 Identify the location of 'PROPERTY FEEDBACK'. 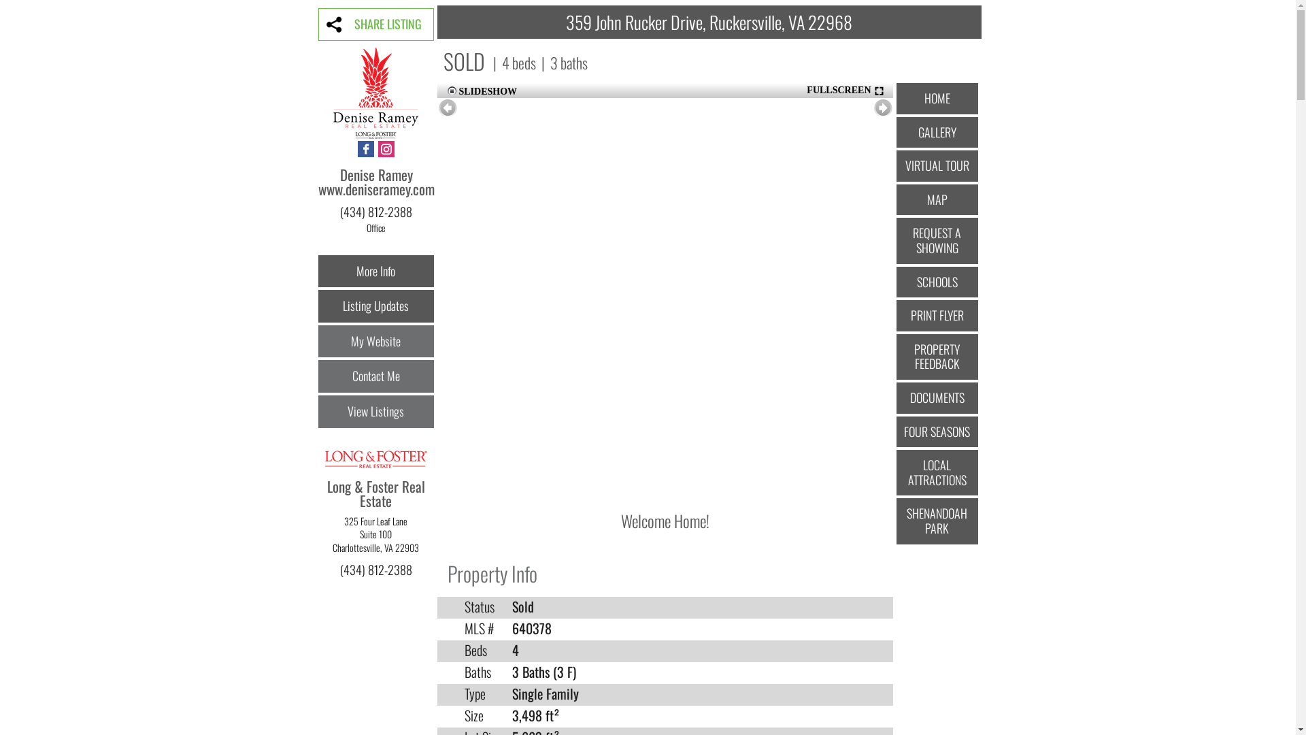
(936, 356).